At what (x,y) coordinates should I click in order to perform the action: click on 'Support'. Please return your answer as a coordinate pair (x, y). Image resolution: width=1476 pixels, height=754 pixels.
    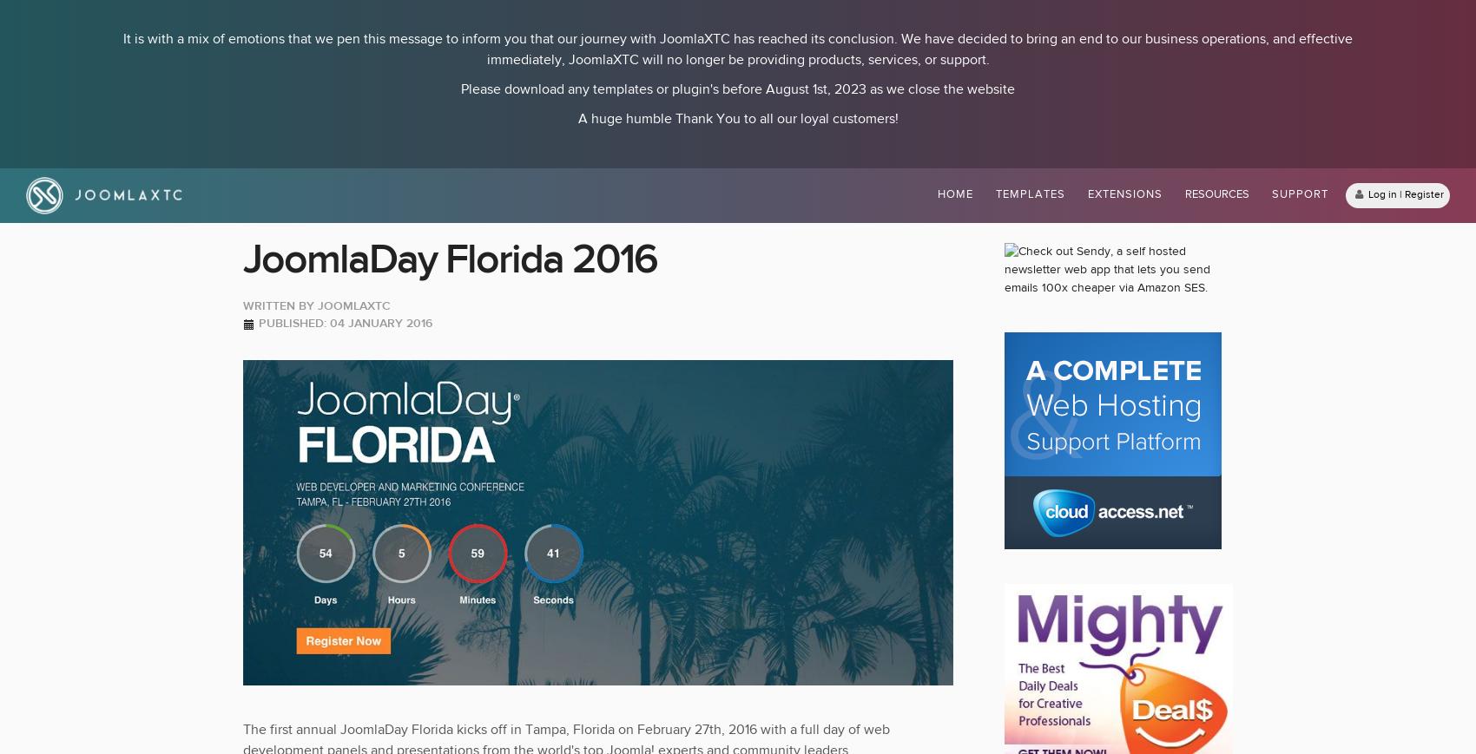
    Looking at the image, I should click on (1300, 193).